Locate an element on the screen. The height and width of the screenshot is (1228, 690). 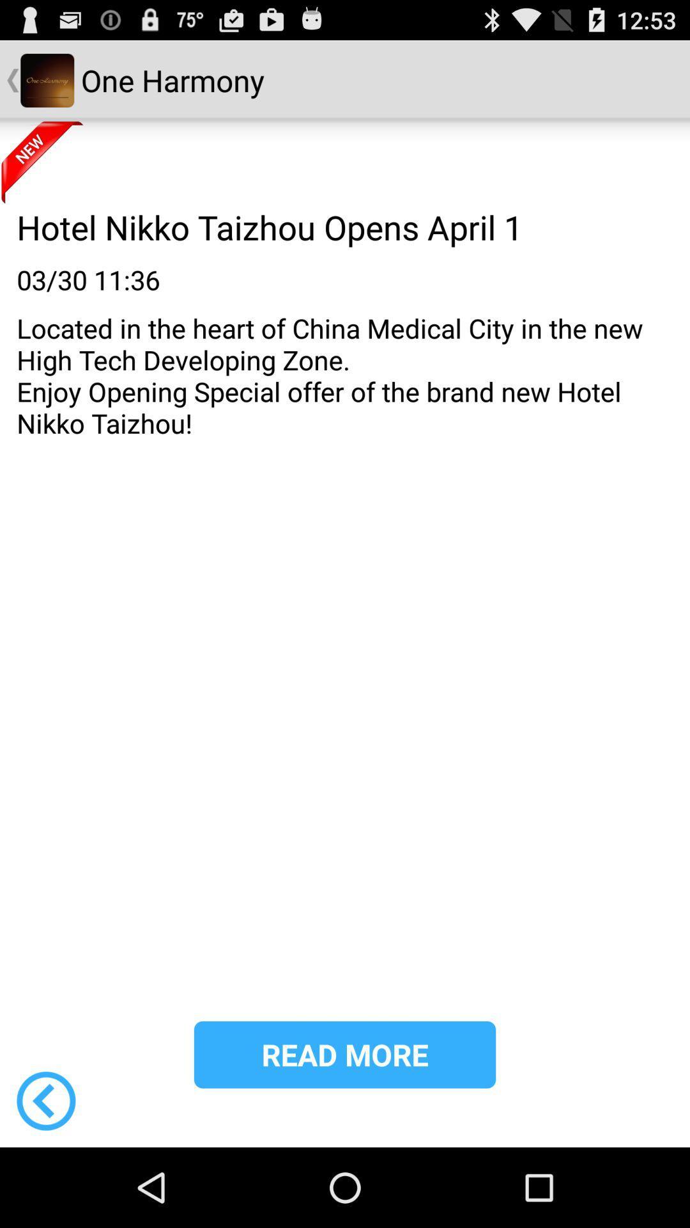
go back is located at coordinates (45, 1100).